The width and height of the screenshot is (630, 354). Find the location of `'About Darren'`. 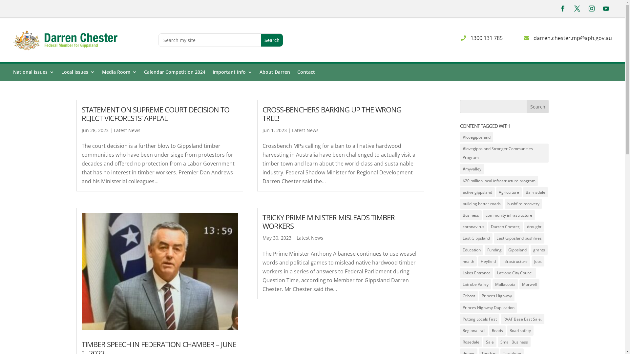

'About Darren' is located at coordinates (275, 73).